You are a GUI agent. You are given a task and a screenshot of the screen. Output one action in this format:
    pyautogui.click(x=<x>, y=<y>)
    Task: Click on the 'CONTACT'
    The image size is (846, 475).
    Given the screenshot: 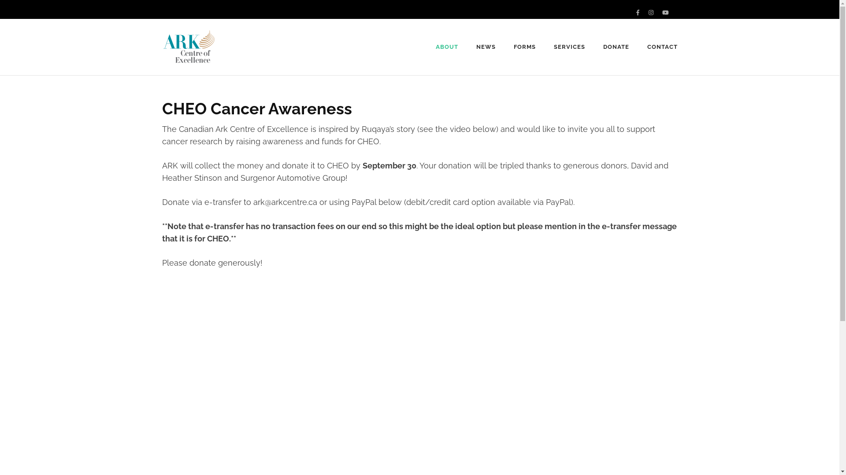 What is the action you would take?
    pyautogui.click(x=662, y=47)
    